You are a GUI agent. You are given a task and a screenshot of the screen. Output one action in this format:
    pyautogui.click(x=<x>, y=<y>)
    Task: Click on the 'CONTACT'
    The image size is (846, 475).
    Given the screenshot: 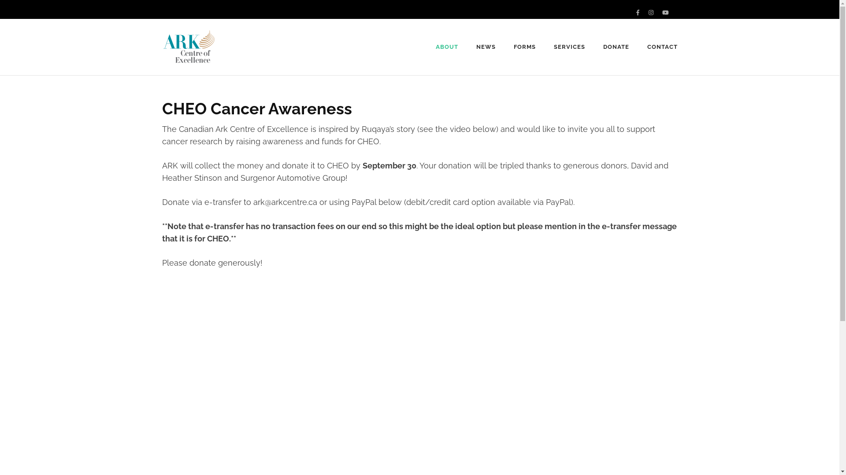 What is the action you would take?
    pyautogui.click(x=662, y=47)
    